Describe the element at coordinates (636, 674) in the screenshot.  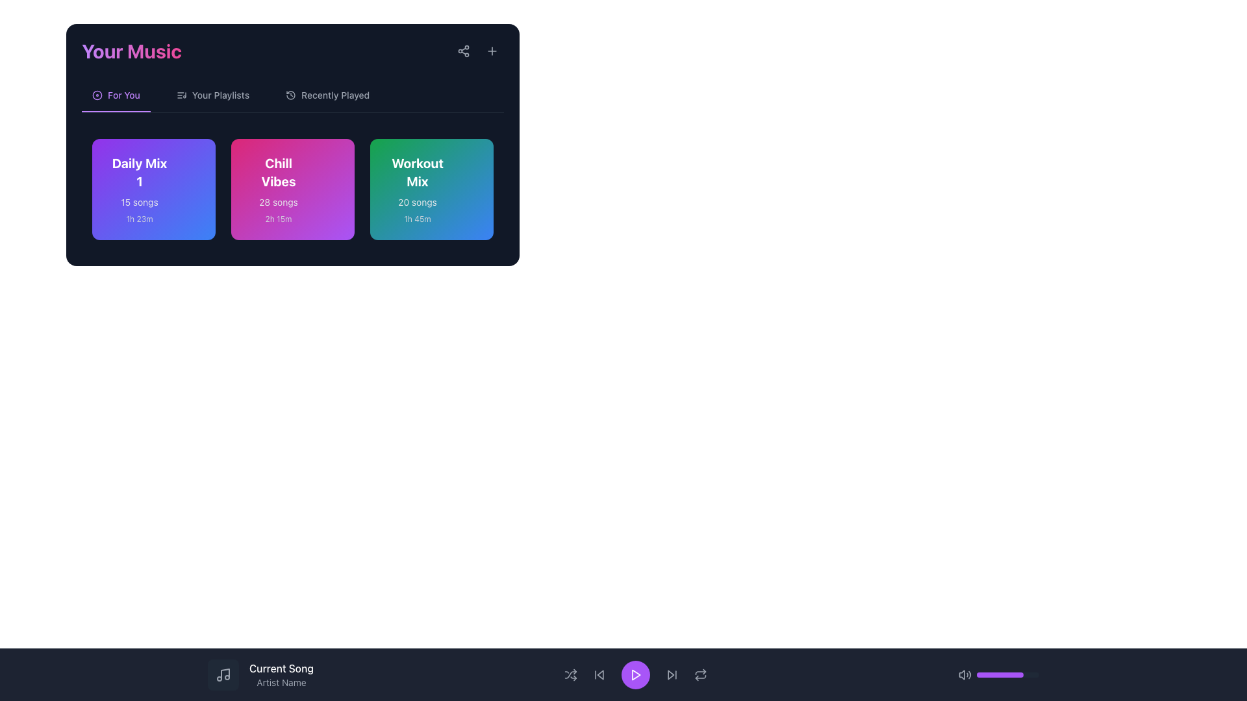
I see `the play icon located at the center of the circular play button within the playback control bar for keyboard or accessibility interactions` at that location.